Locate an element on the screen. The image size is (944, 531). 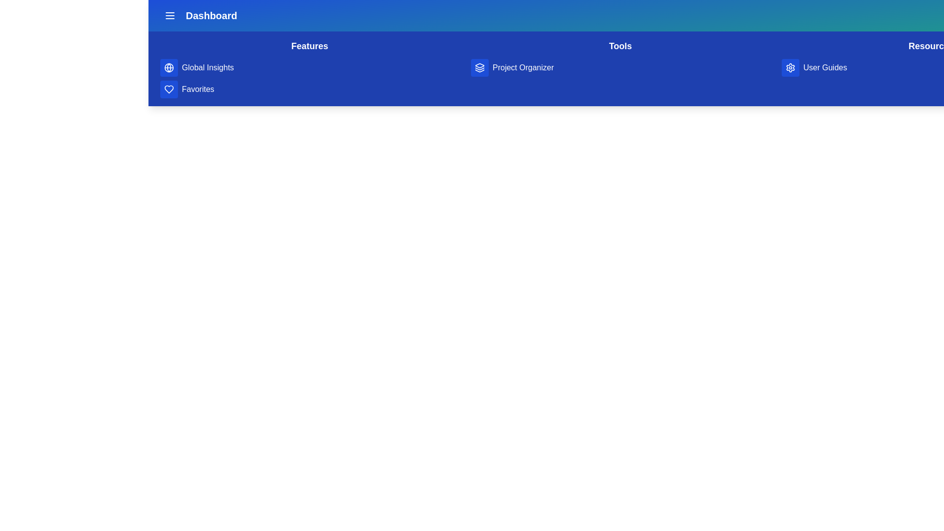
the rounded blue button with a settings gear icon is located at coordinates (791, 67).